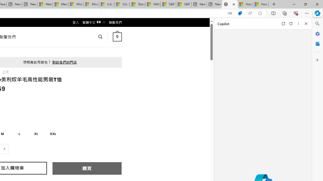 Image resolution: width=323 pixels, height=181 pixels. What do you see at coordinates (117, 36) in the screenshot?
I see `'  0  '` at bounding box center [117, 36].